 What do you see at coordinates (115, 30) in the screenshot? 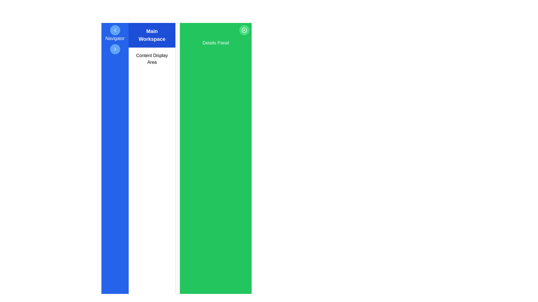
I see `the blue circular button with a left-facing chevron arrow icon located below the title 'Navigator' in the left-side navigation bar` at bounding box center [115, 30].